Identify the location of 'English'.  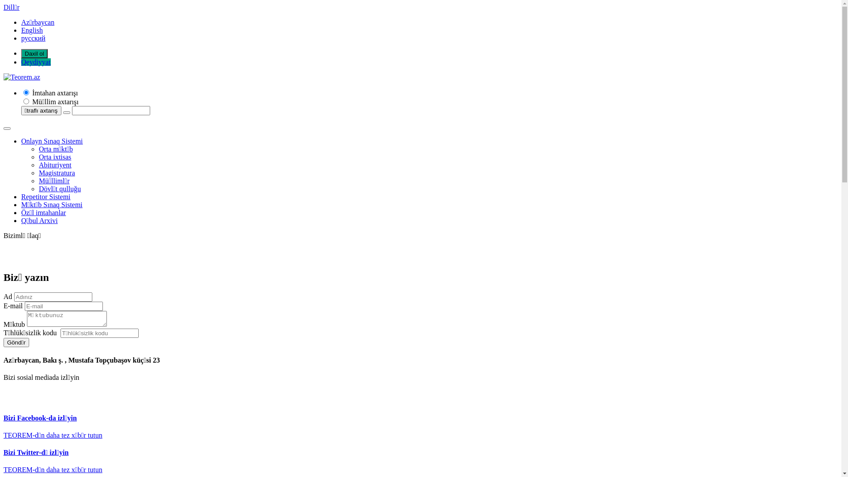
(21, 30).